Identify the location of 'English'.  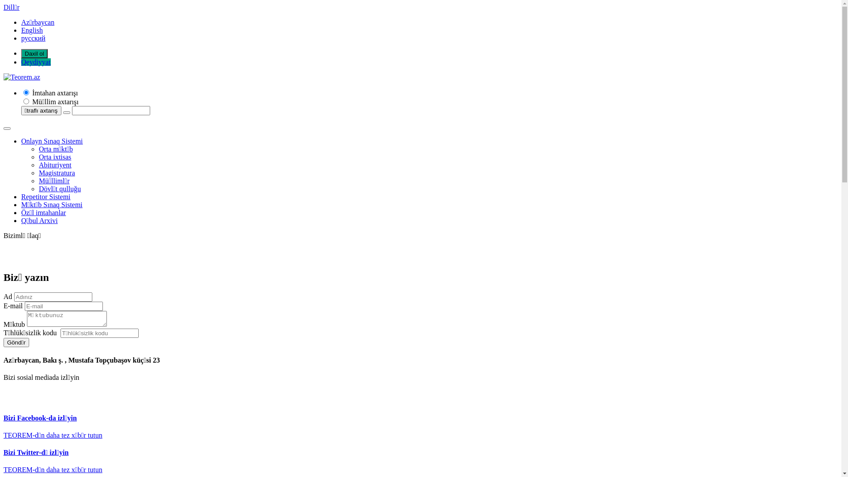
(21, 30).